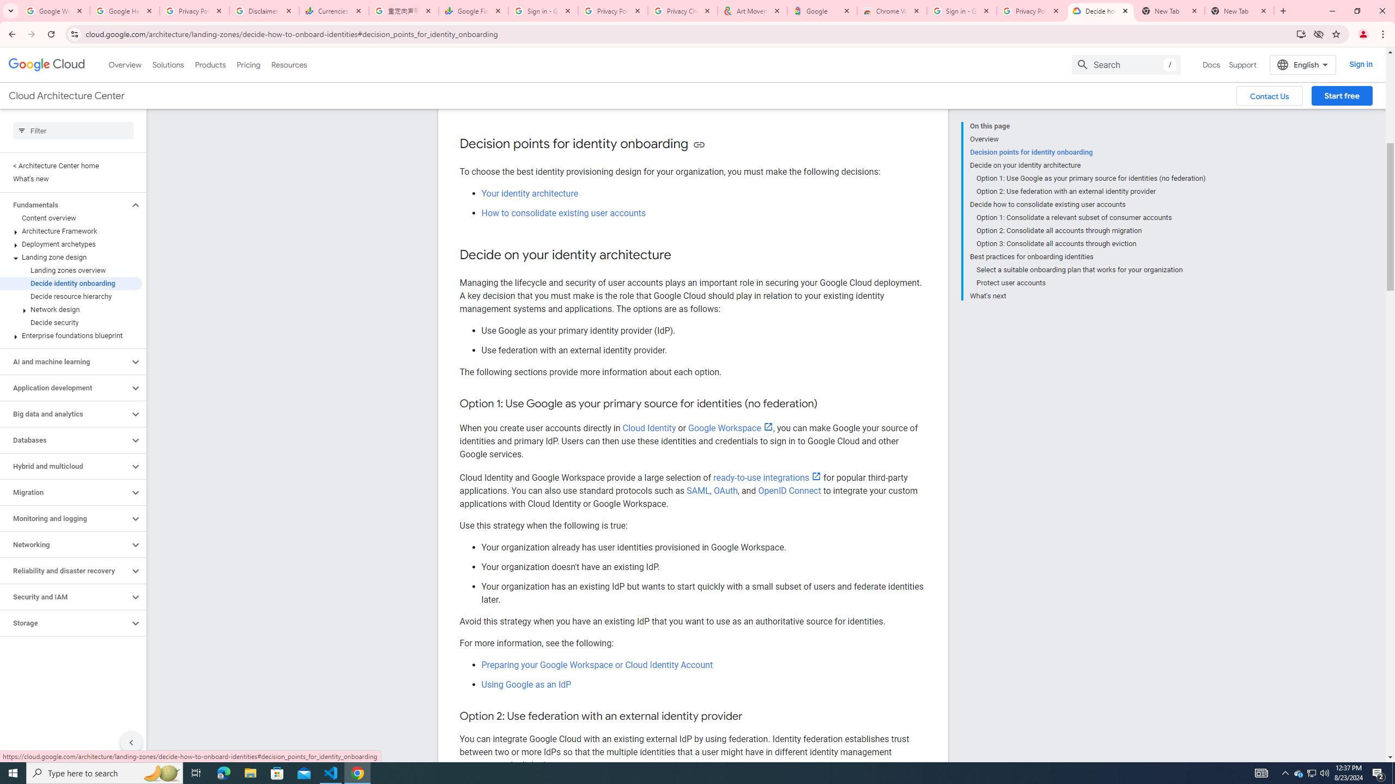  I want to click on 'Chrome Web Store - Color themes by Chrome', so click(891, 10).